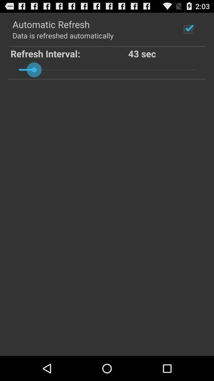  Describe the element at coordinates (187, 29) in the screenshot. I see `the item next to data is refreshed app` at that location.